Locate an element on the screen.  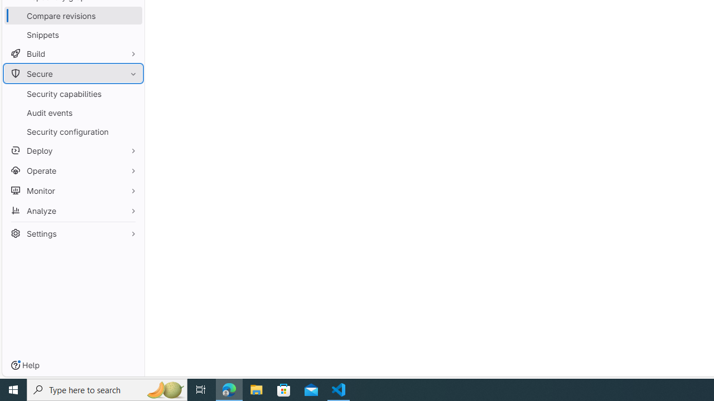
'Build' is located at coordinates (73, 53).